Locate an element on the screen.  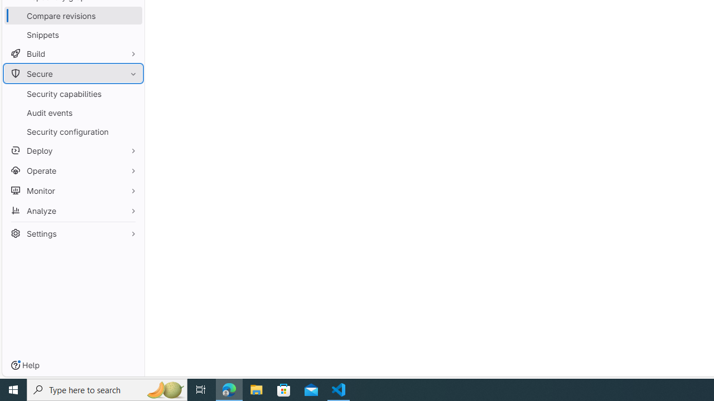
'Build' is located at coordinates (73, 53).